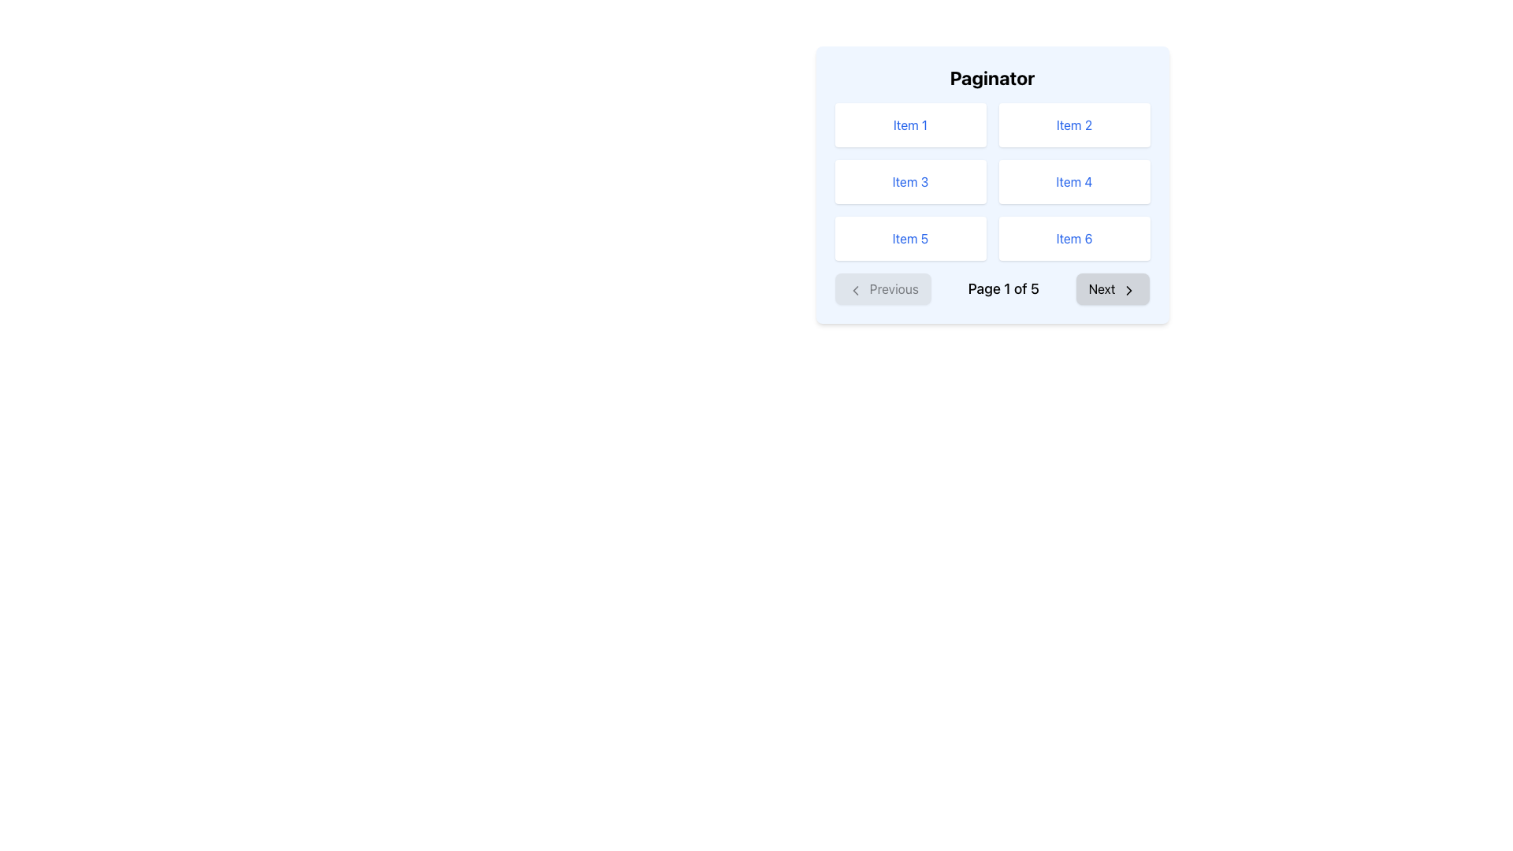  I want to click on the text label with blue text that reads 'Item 2', which is a rectangular box with rounded corners located in the top row, right column of a grid layout, so click(1073, 124).